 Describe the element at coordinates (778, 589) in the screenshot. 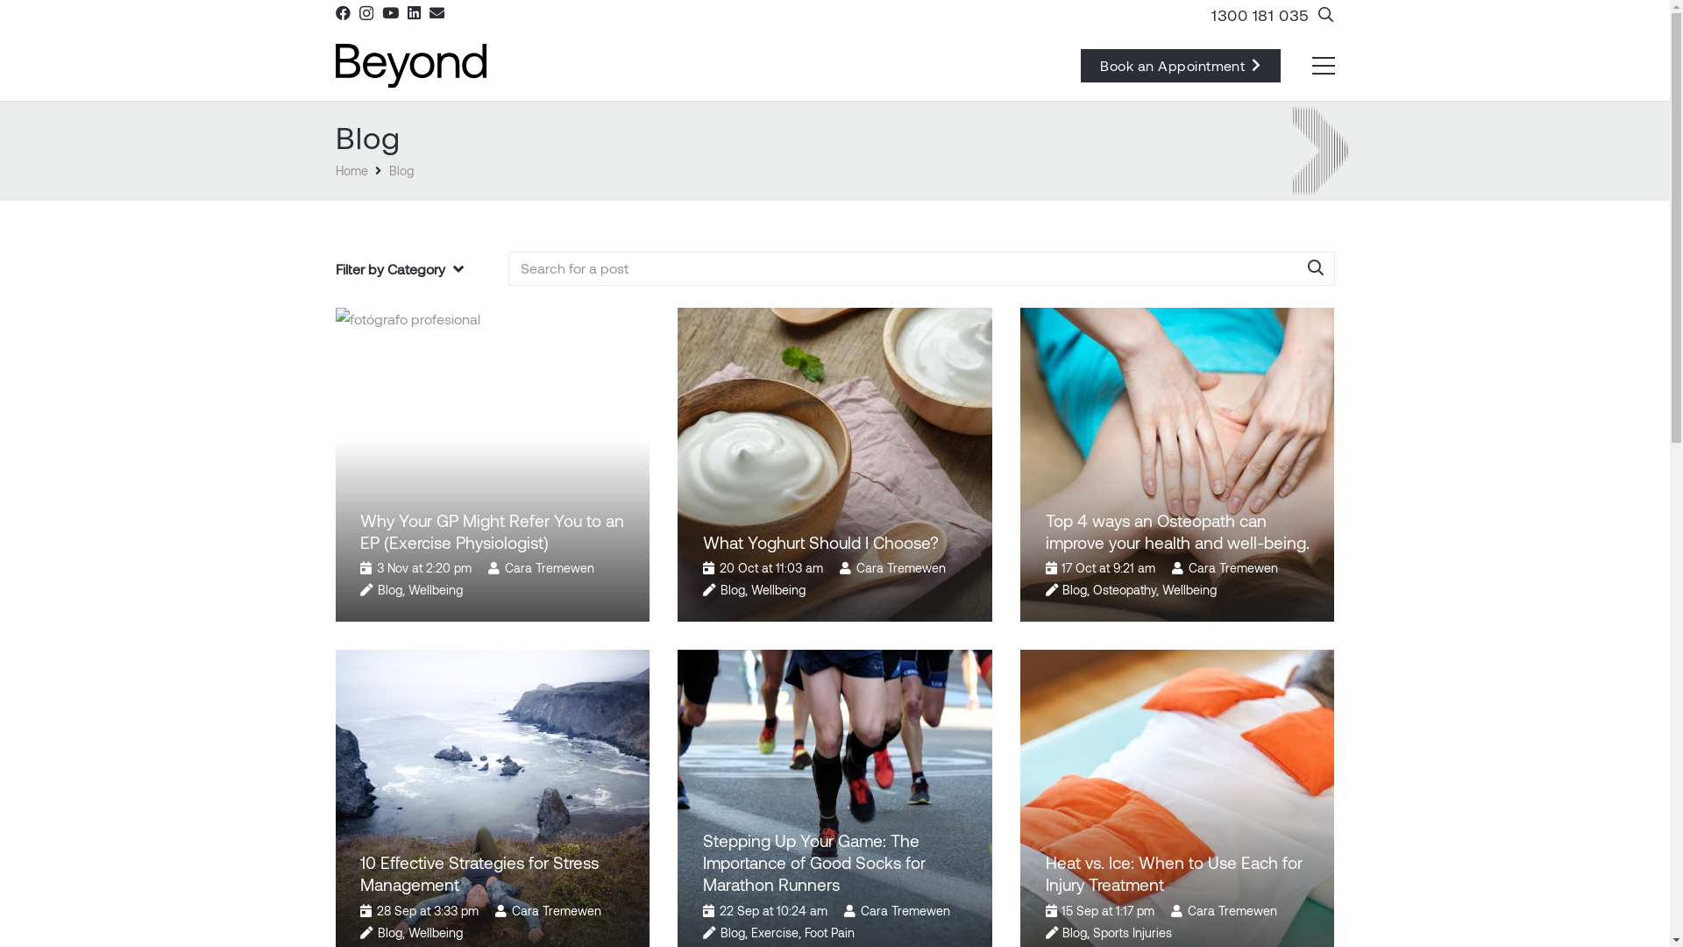

I see `'Wellbeing'` at that location.